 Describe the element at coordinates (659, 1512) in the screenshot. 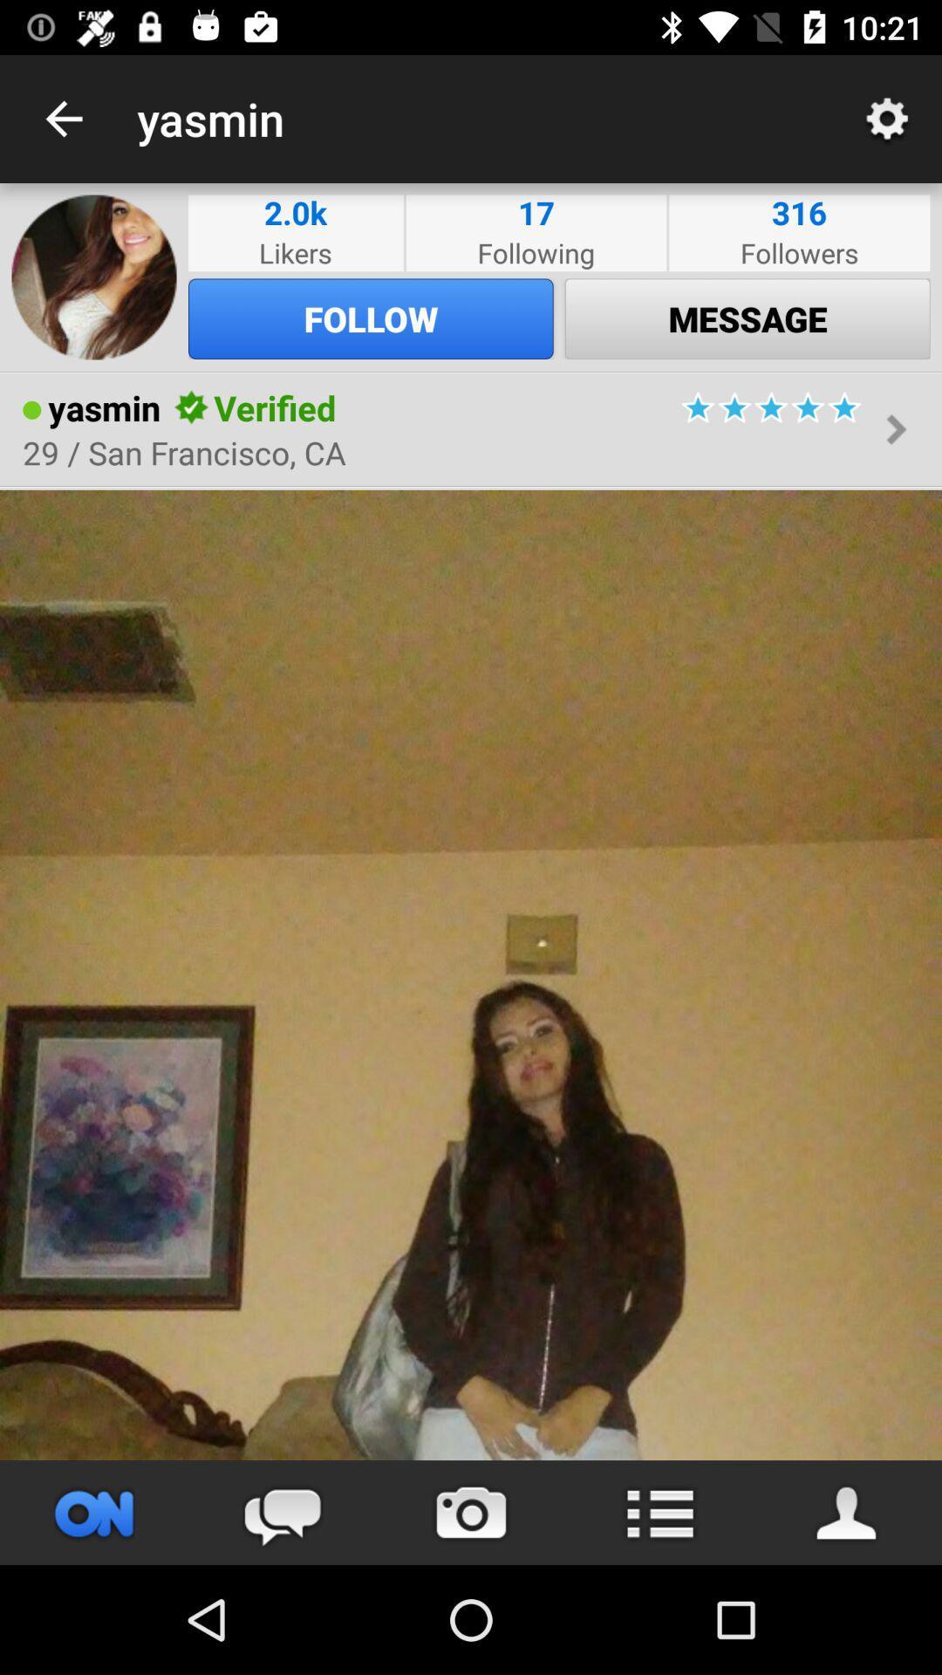

I see `to options` at that location.